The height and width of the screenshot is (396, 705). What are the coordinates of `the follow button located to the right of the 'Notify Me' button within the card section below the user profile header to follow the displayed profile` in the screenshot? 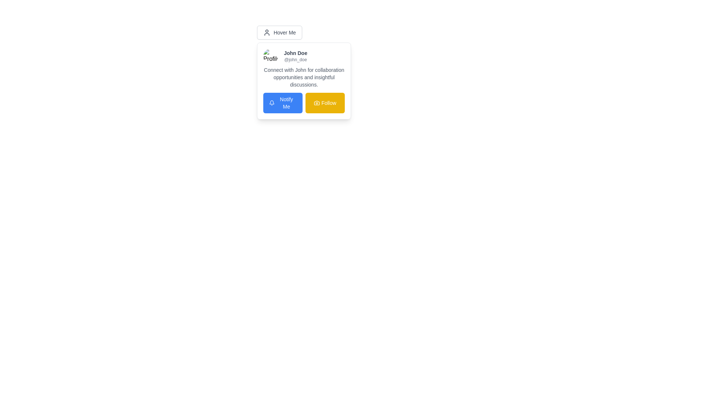 It's located at (325, 103).